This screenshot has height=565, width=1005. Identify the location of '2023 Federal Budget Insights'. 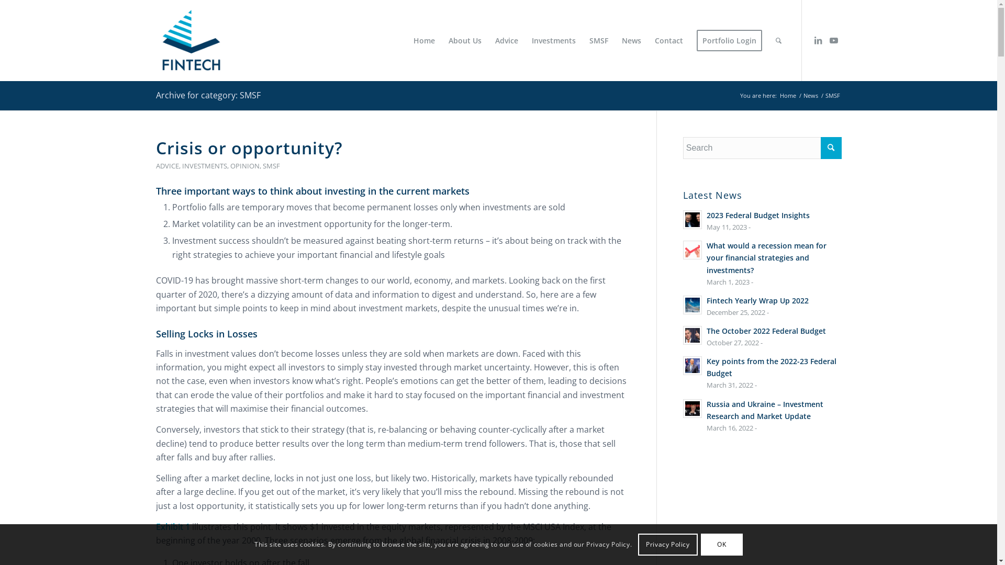
(706, 214).